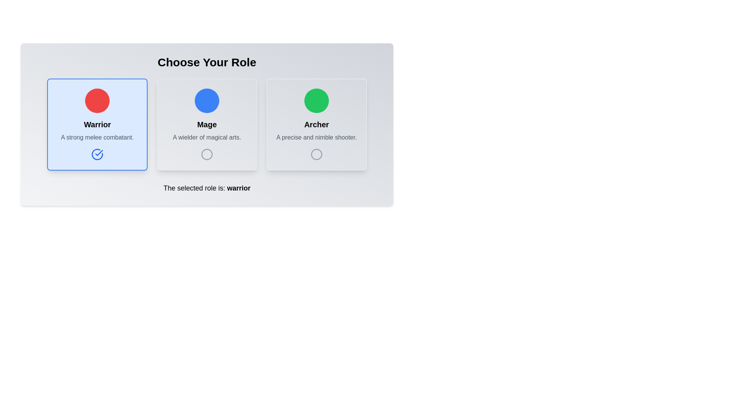 The height and width of the screenshot is (414, 736). What do you see at coordinates (207, 154) in the screenshot?
I see `the center of the Radio Button Indicator, which is a circular icon with a gray outline and lighter interior, located below the text block labeled 'Mage' and above a descriptive caption` at bounding box center [207, 154].